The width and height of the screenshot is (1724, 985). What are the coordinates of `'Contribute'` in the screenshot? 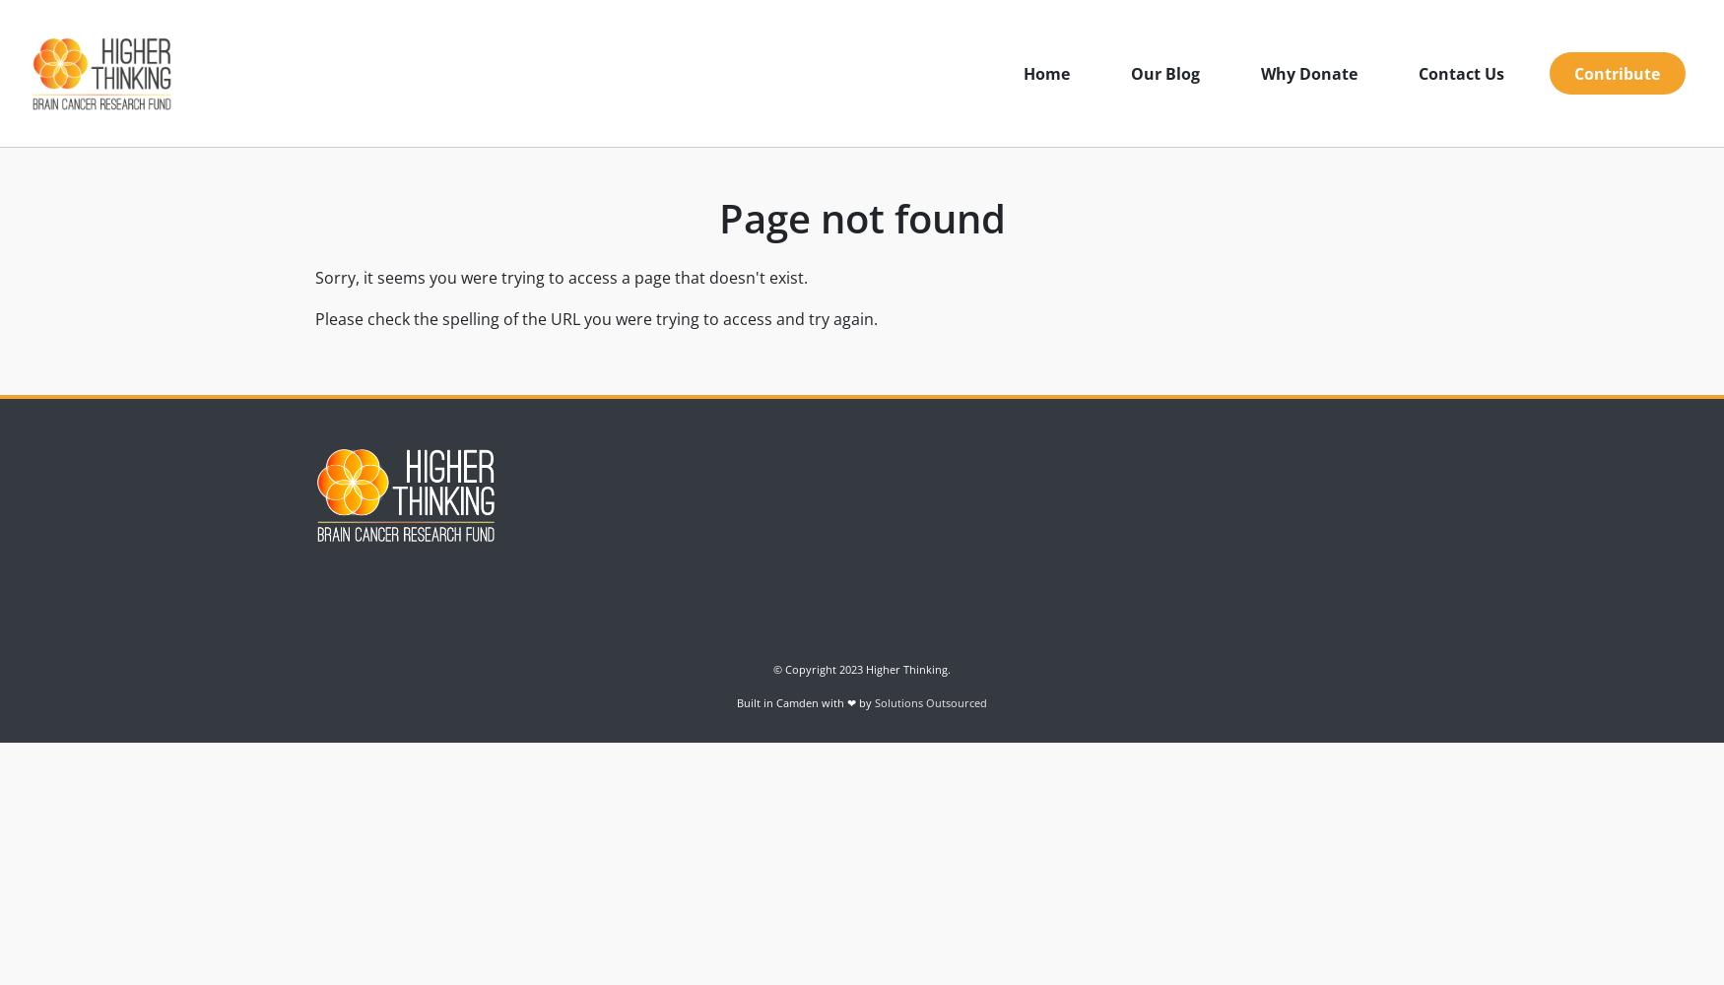 It's located at (1573, 72).